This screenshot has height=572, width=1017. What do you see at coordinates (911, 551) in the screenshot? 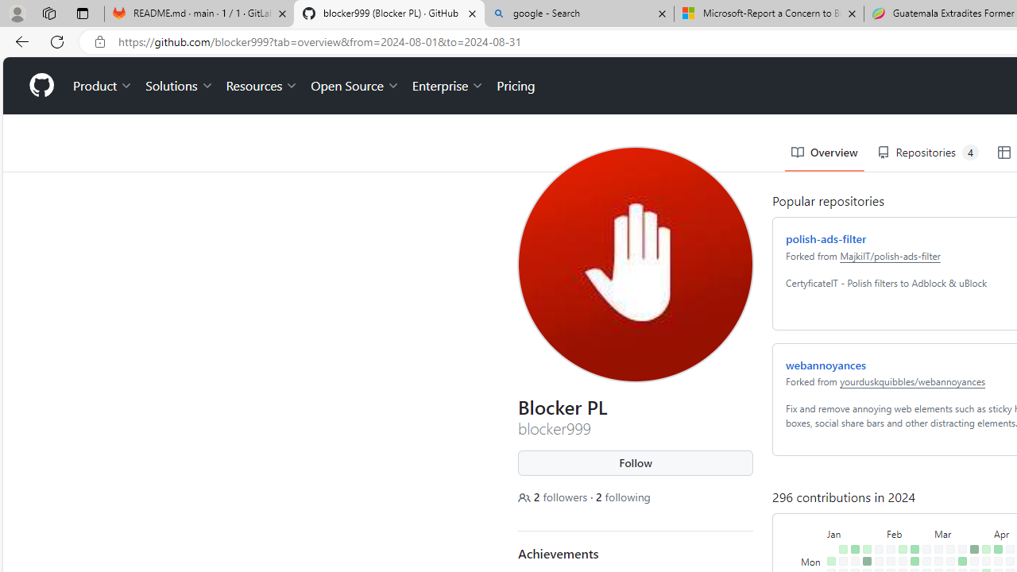
I see `'1 contribution on February 23rd.'` at bounding box center [911, 551].